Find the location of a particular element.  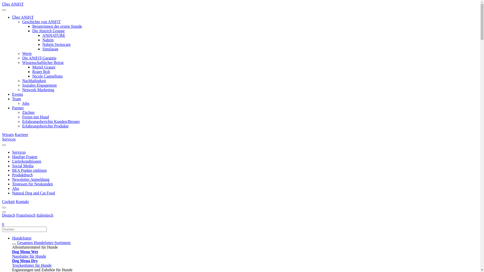

'Natural Dog and Cat Food' is located at coordinates (33, 193).